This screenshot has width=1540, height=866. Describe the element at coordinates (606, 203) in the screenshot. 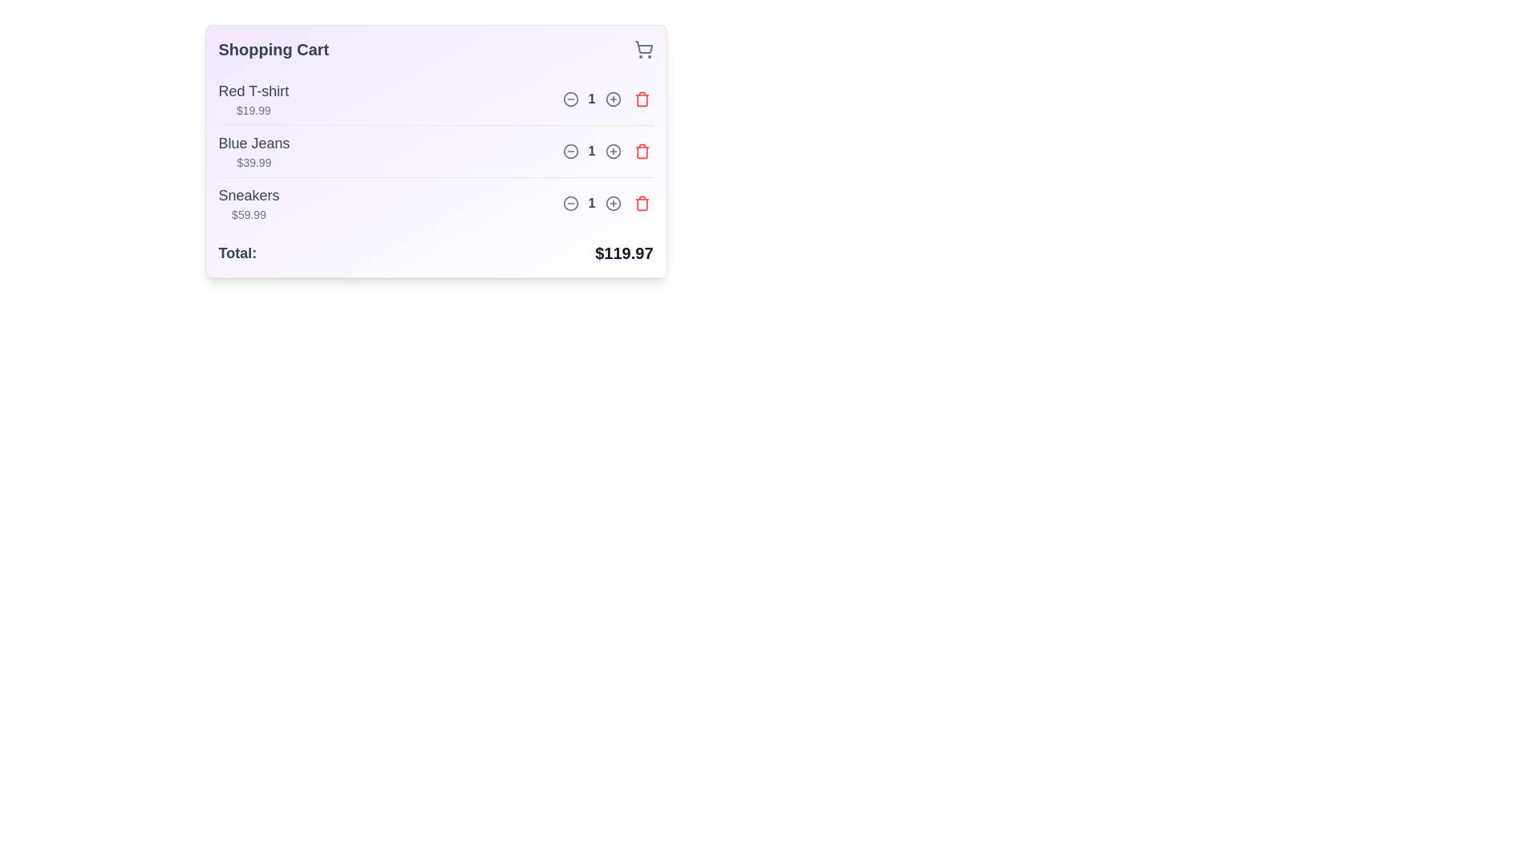

I see `the increment button for the Sneakers item in the cart` at that location.